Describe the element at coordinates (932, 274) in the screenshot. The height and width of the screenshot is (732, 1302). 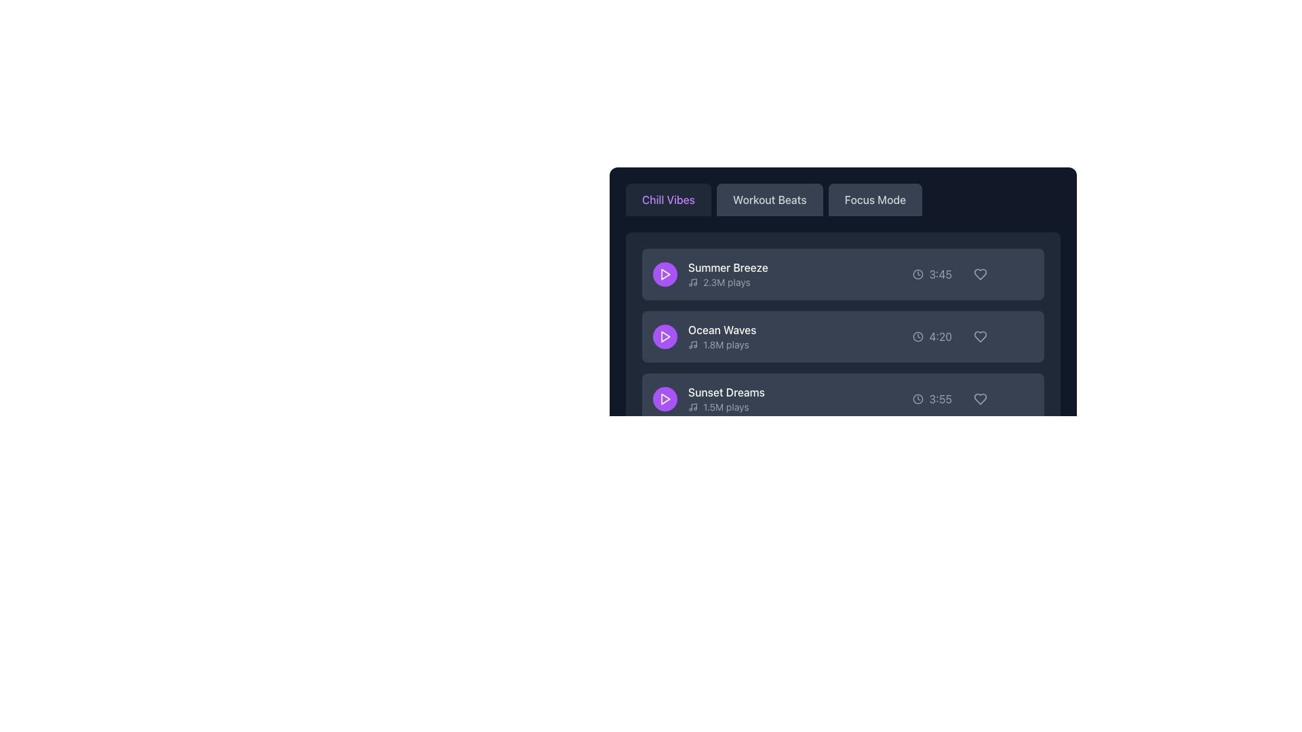
I see `the Duration Indicator, which is a small circular clock icon followed by the text '3:45', styled in light gray, located next to the song title 'Summer Breeze'` at that location.